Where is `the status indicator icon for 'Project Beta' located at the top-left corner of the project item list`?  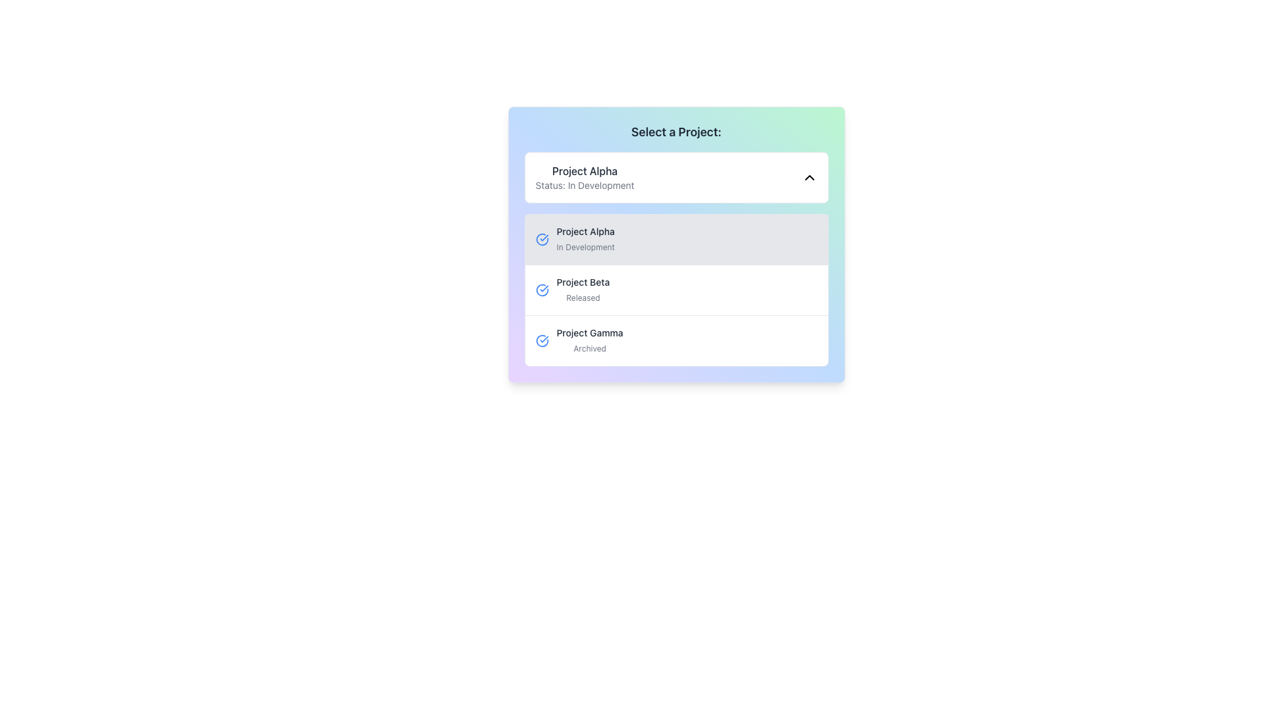
the status indicator icon for 'Project Beta' located at the top-left corner of the project item list is located at coordinates (542, 289).